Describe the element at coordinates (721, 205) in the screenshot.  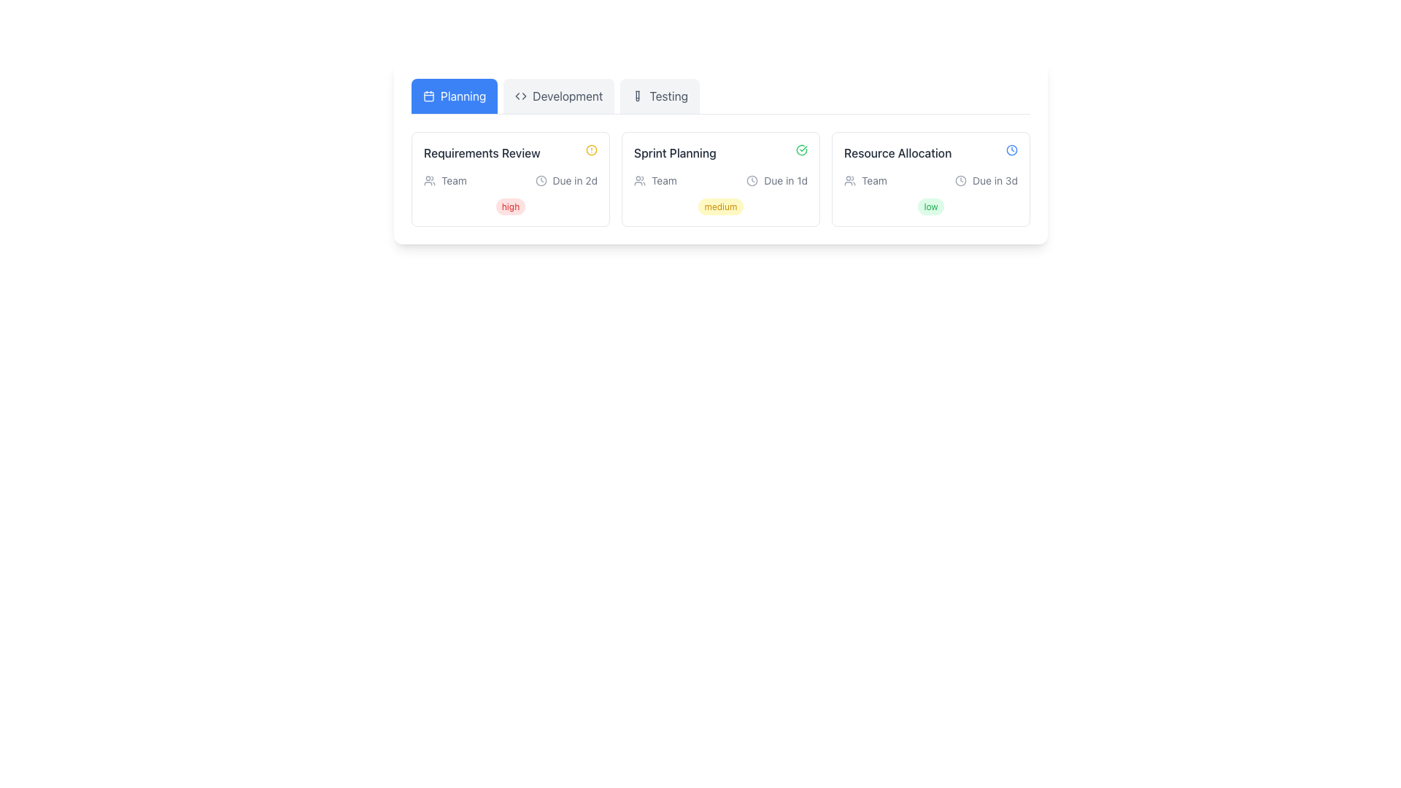
I see `the 'medium' status label or badge located within the 'Sprint Planning' card, positioned below the 'Team' and 'Due in 1d' indicators` at that location.